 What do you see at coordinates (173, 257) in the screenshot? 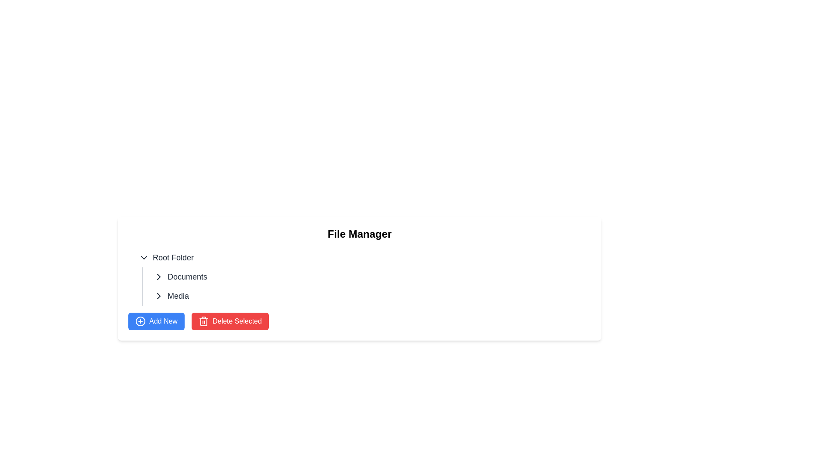
I see `the text label indicating the name of the primary folder in the file management application, located directly below the collapsible icon and above sub-items like 'Documents' and 'Media'` at bounding box center [173, 257].